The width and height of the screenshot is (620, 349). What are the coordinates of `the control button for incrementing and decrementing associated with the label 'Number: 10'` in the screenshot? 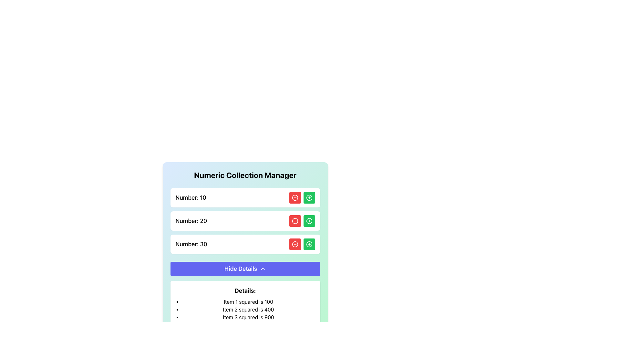 It's located at (302, 197).